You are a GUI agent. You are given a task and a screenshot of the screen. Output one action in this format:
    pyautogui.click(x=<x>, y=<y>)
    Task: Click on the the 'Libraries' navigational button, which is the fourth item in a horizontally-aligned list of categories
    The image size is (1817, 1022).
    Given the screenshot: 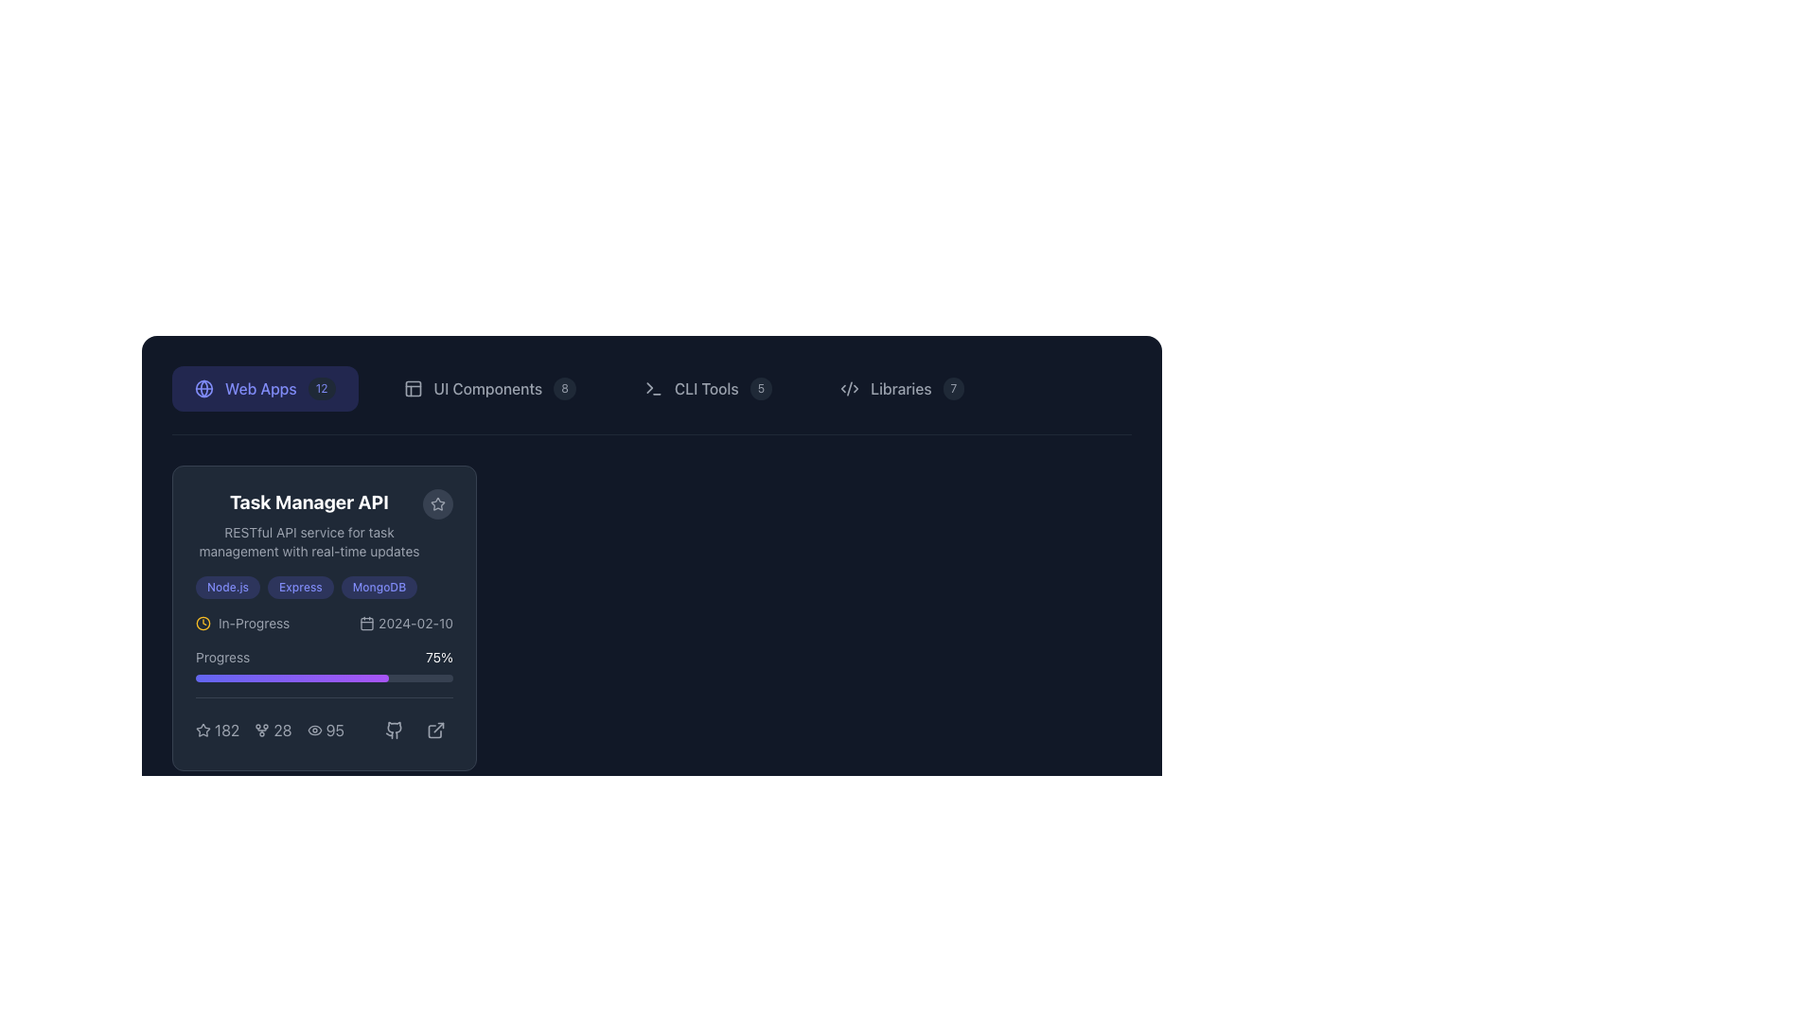 What is the action you would take?
    pyautogui.click(x=901, y=388)
    